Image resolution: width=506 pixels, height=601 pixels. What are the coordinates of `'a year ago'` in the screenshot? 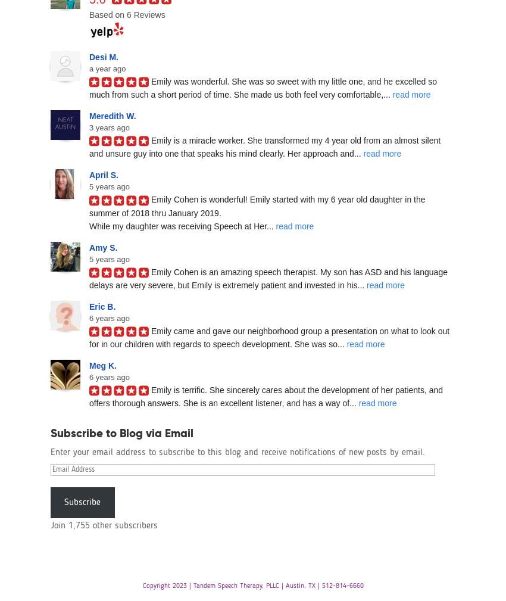 It's located at (107, 67).